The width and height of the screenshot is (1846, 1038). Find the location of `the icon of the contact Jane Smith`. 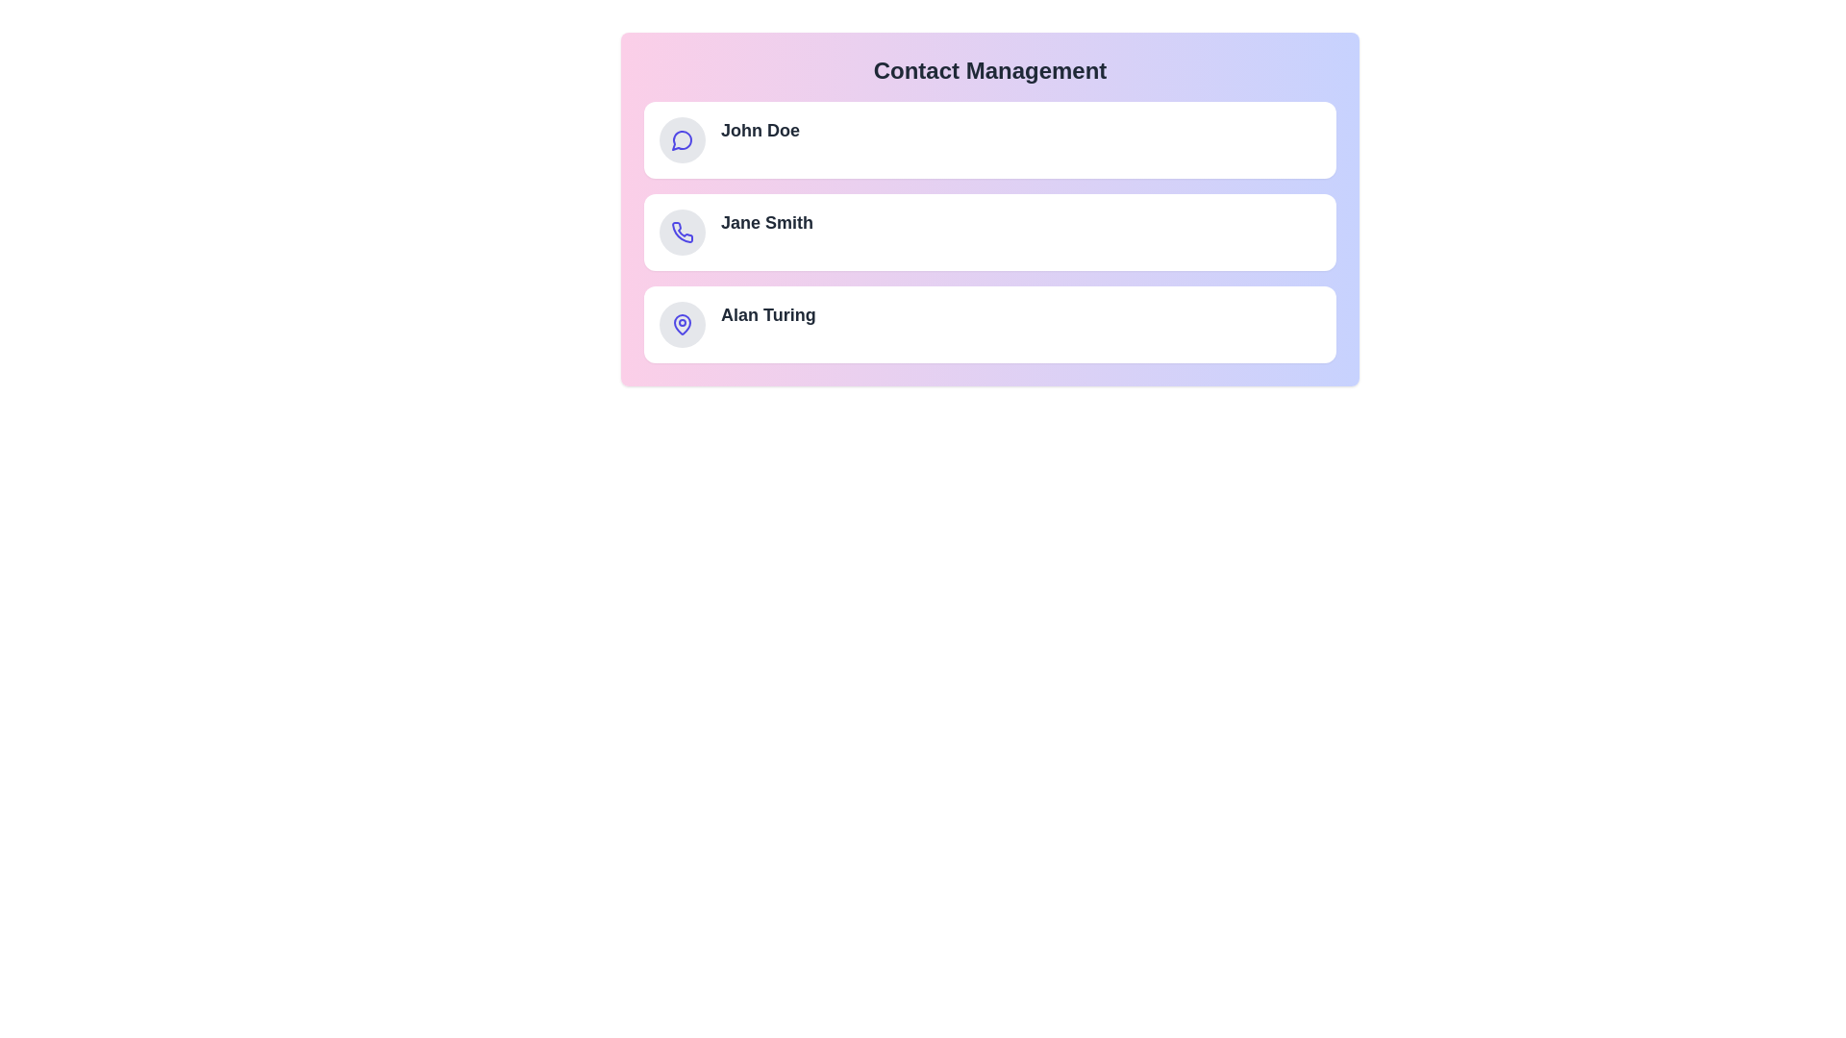

the icon of the contact Jane Smith is located at coordinates (683, 232).